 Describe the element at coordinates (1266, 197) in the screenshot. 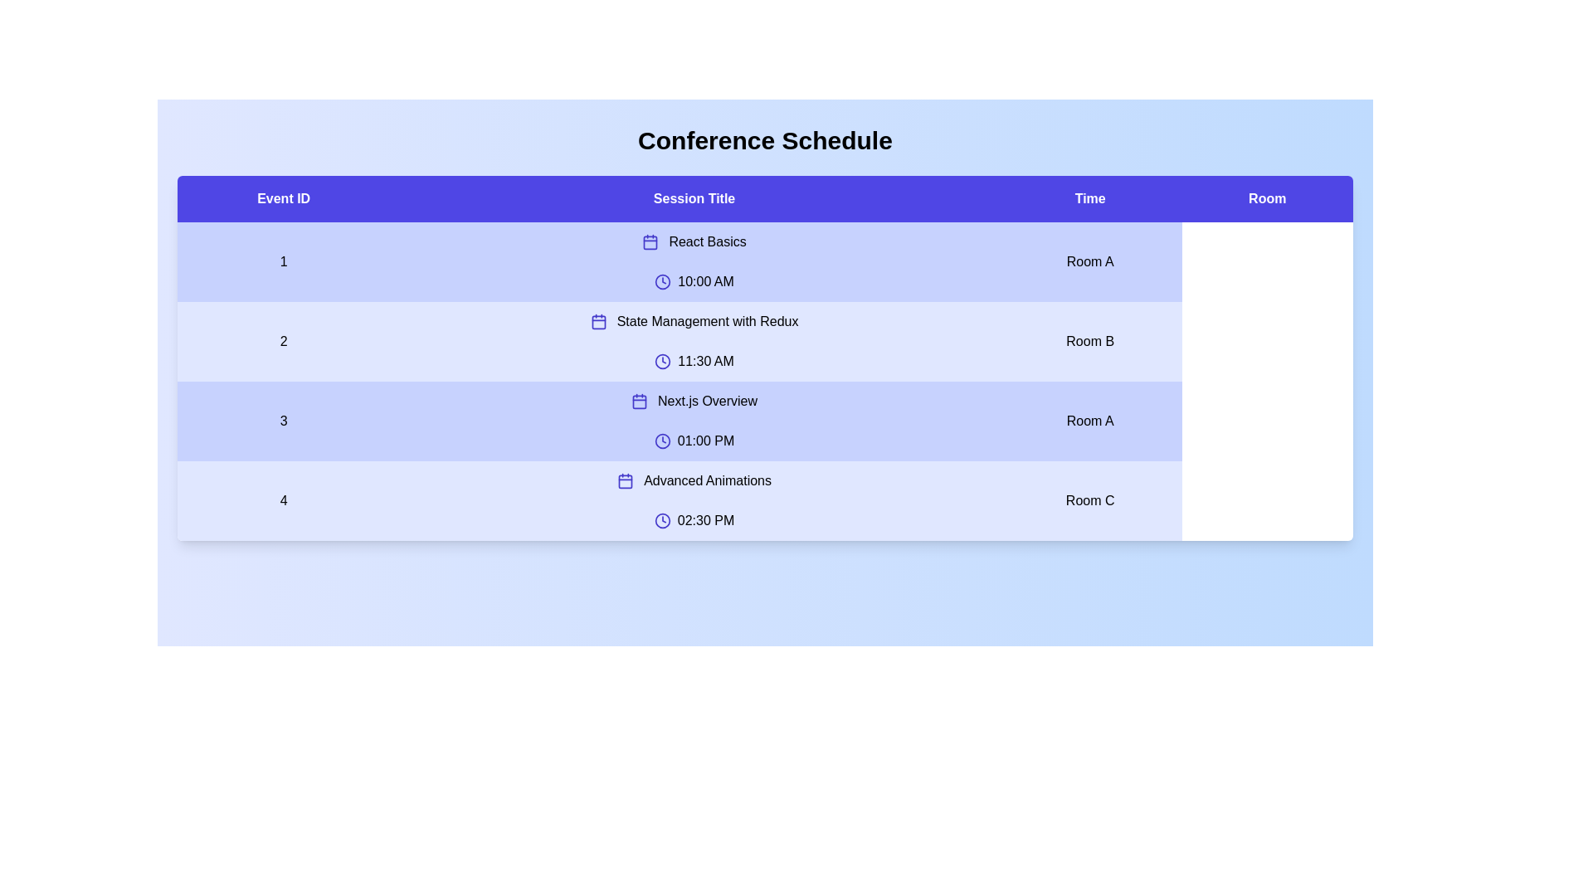

I see `the table header labeled 'Room' to sort the table by that column` at that location.